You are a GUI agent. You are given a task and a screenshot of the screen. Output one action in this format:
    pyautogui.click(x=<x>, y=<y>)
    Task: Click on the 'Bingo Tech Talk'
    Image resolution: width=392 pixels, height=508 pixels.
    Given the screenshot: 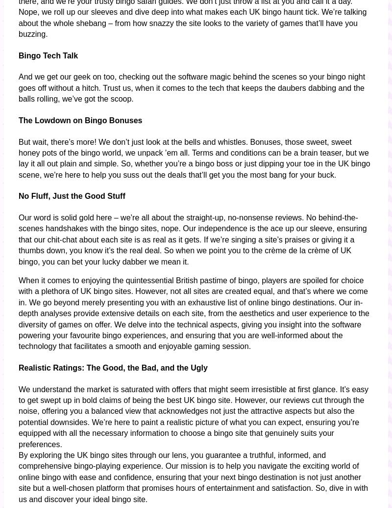 What is the action you would take?
    pyautogui.click(x=18, y=55)
    